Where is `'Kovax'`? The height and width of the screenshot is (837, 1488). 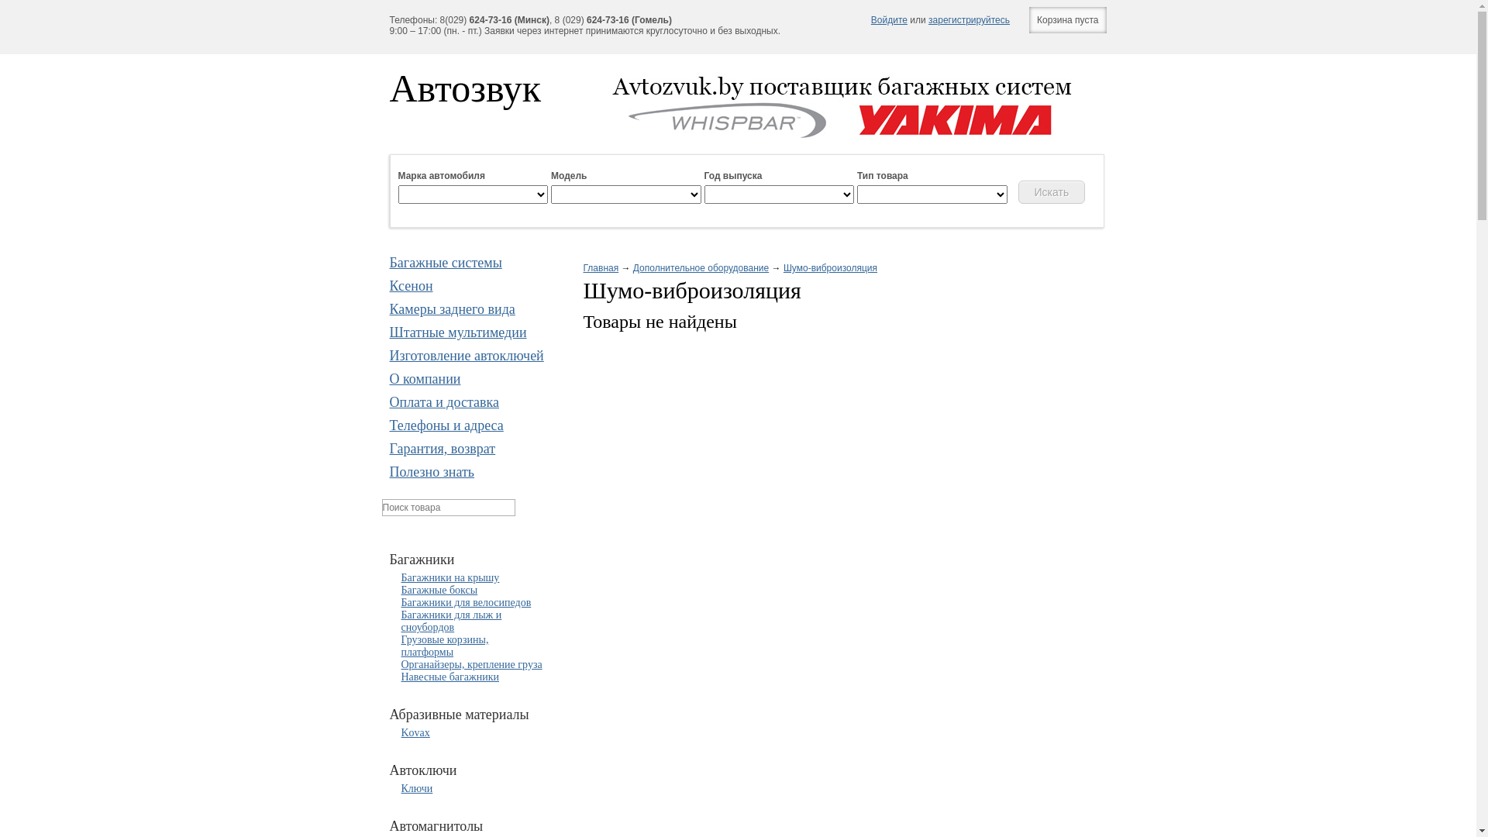 'Kovax' is located at coordinates (415, 732).